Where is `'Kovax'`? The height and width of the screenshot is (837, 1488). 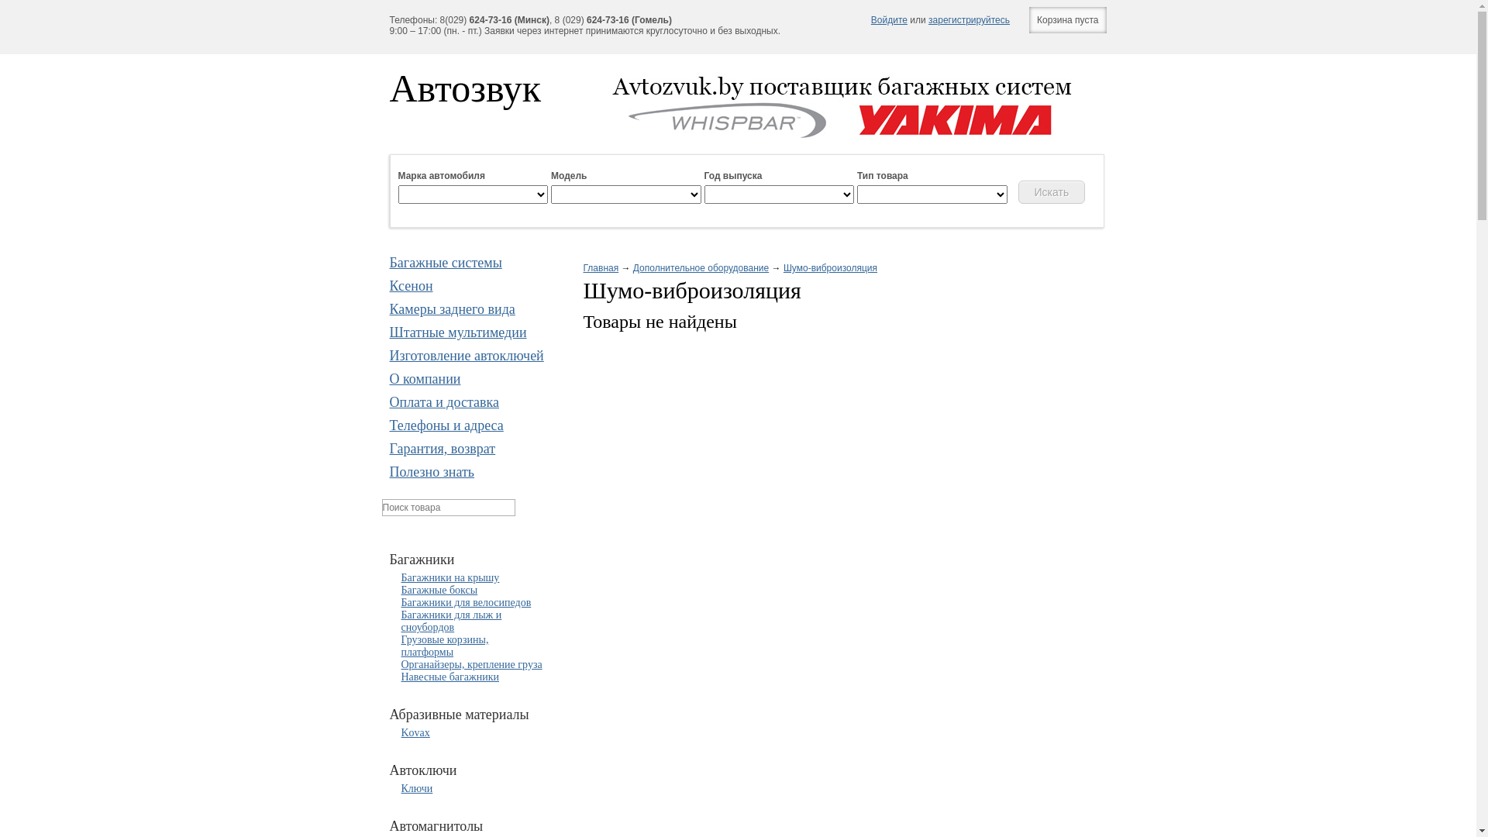 'Kovax' is located at coordinates (415, 732).